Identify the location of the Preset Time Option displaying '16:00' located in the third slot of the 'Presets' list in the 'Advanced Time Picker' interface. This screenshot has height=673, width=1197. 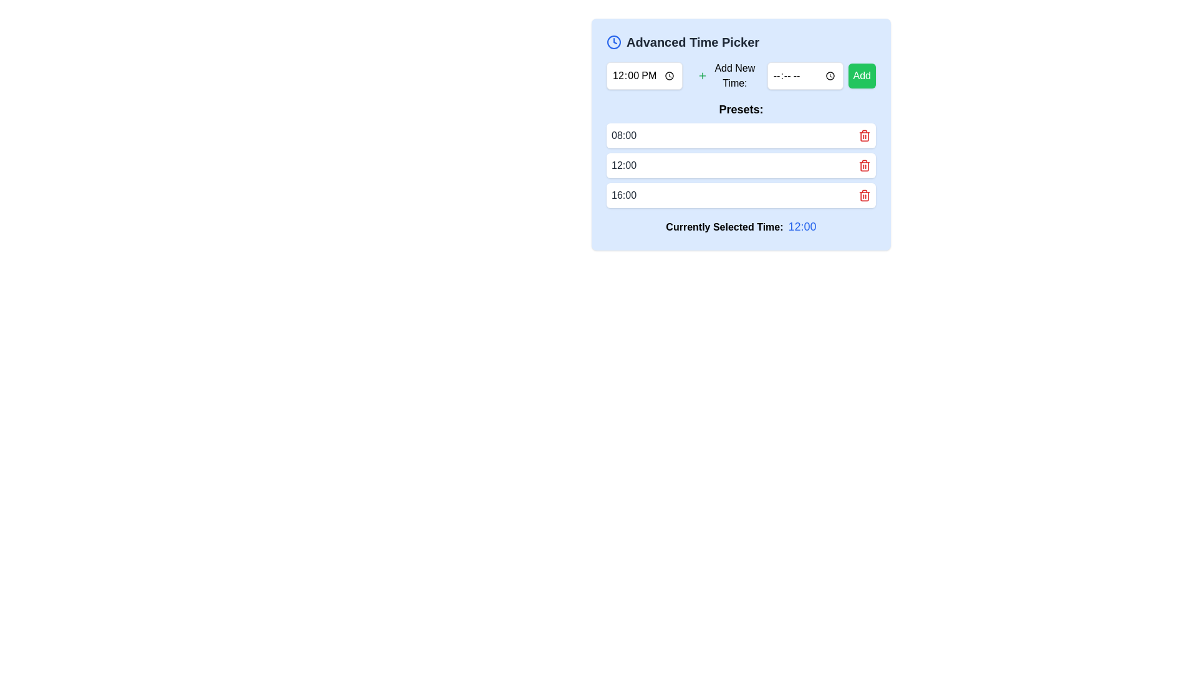
(741, 195).